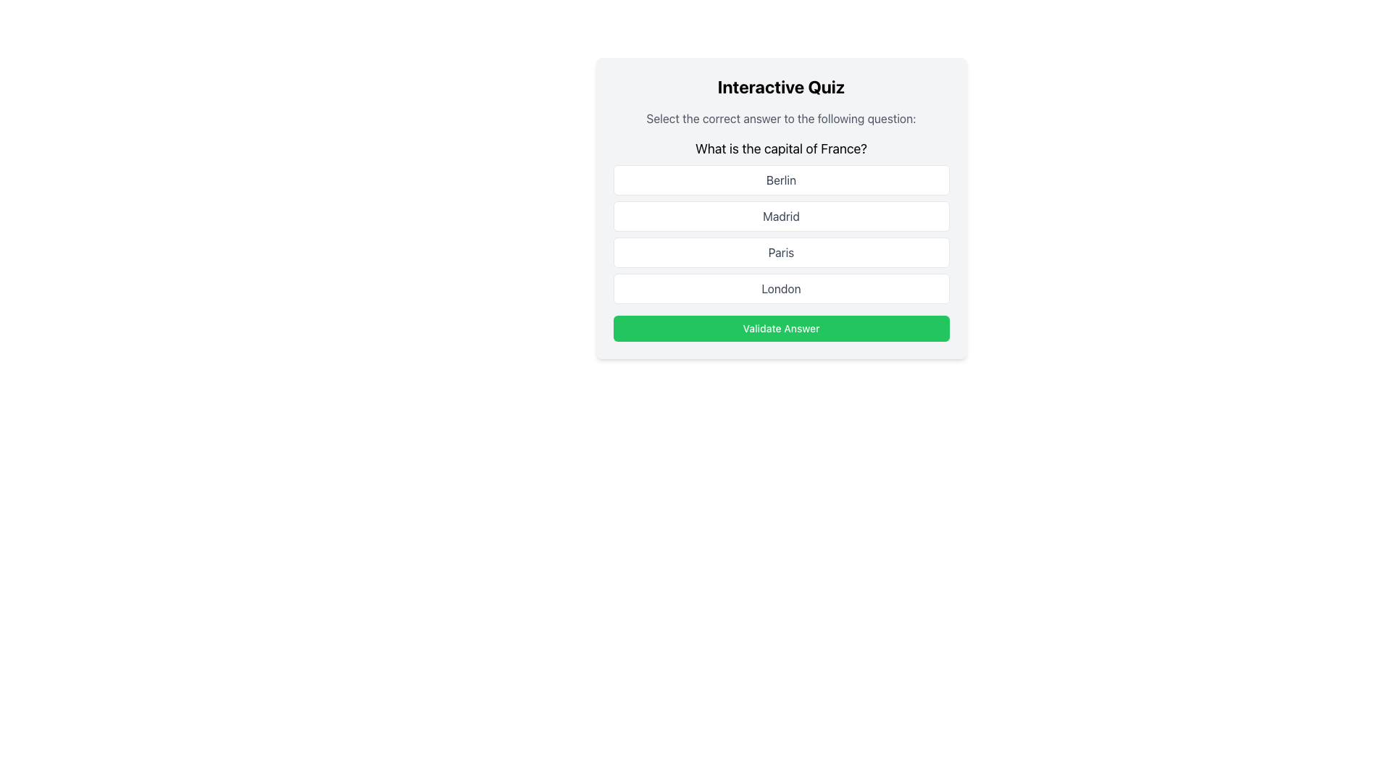  Describe the element at coordinates (780, 180) in the screenshot. I see `the first answer option button in the quiz interface` at that location.